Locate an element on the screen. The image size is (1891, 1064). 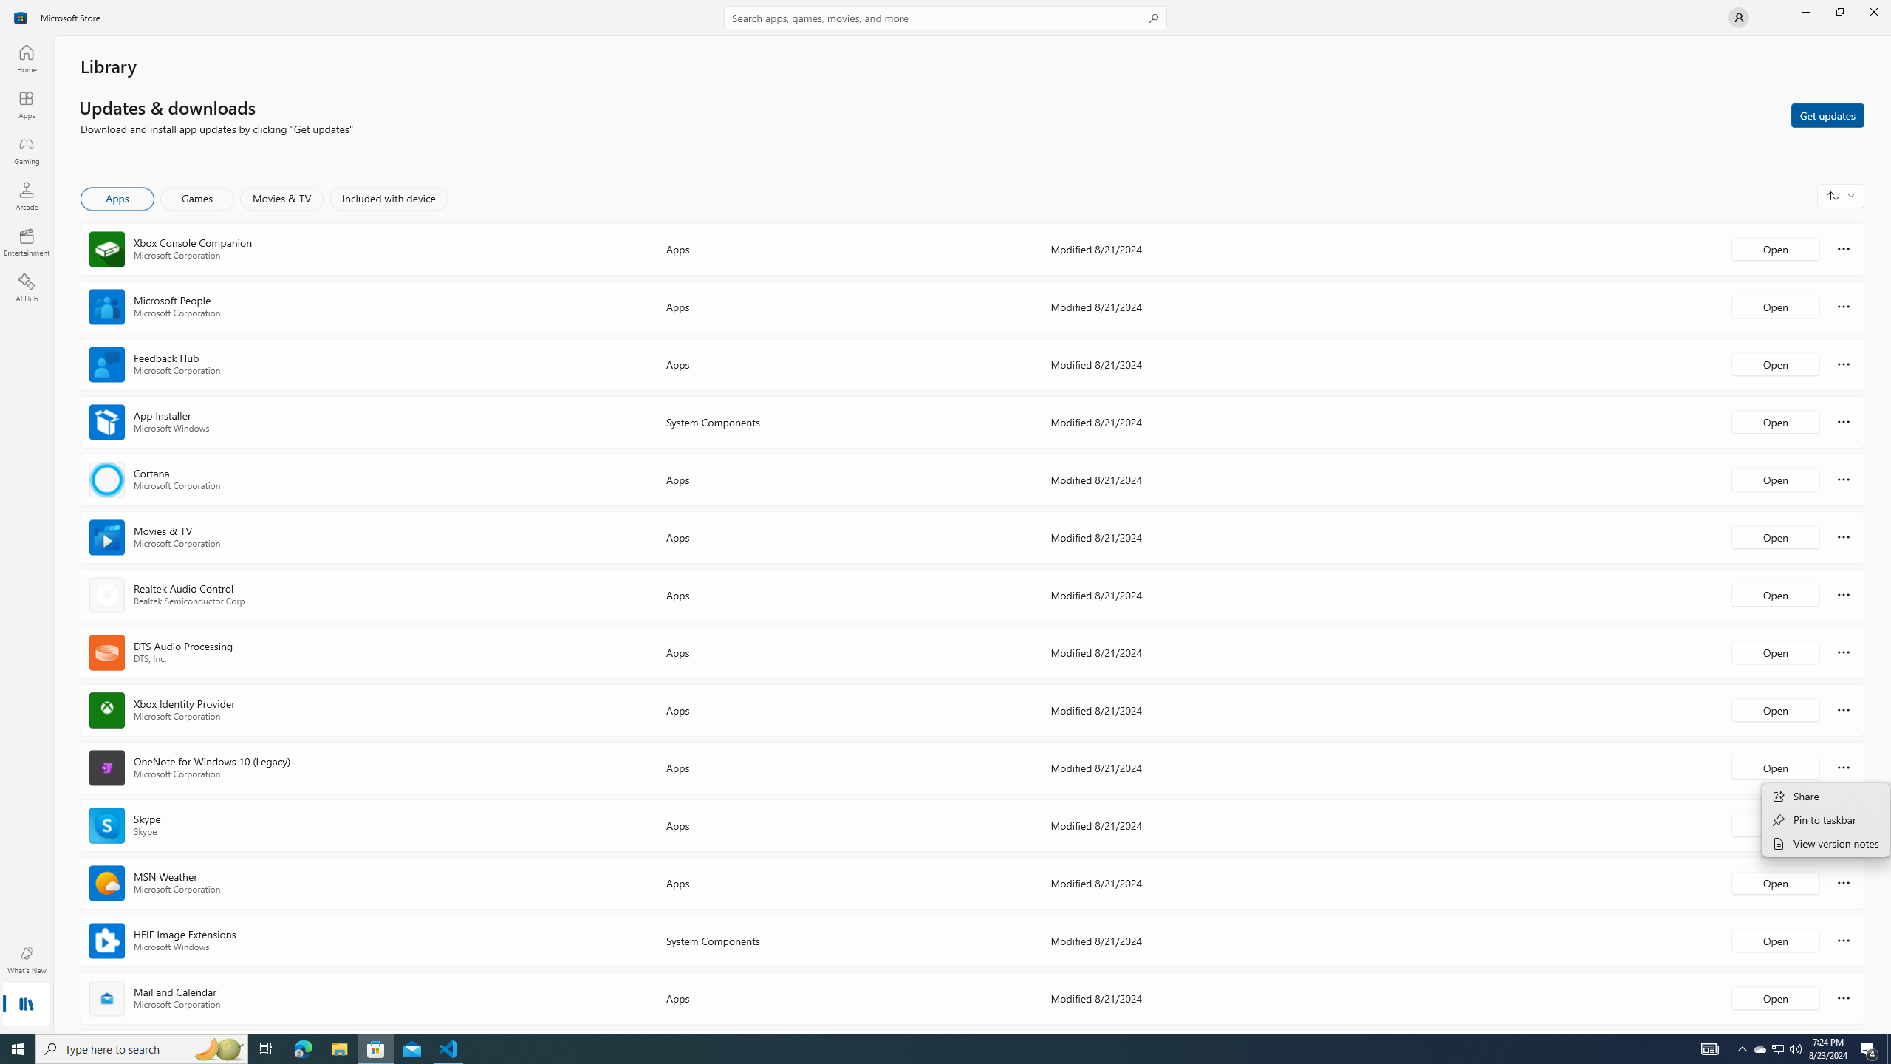
'AI Hub' is located at coordinates (25, 287).